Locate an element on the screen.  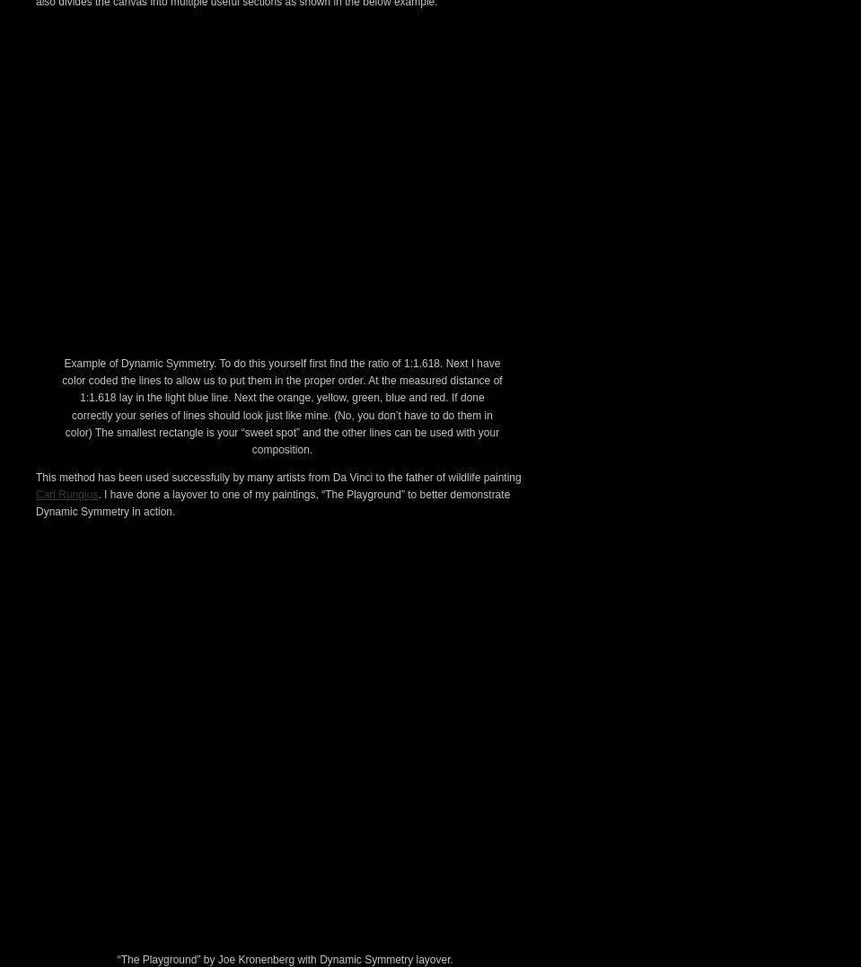
'called' is located at coordinates (131, 160).